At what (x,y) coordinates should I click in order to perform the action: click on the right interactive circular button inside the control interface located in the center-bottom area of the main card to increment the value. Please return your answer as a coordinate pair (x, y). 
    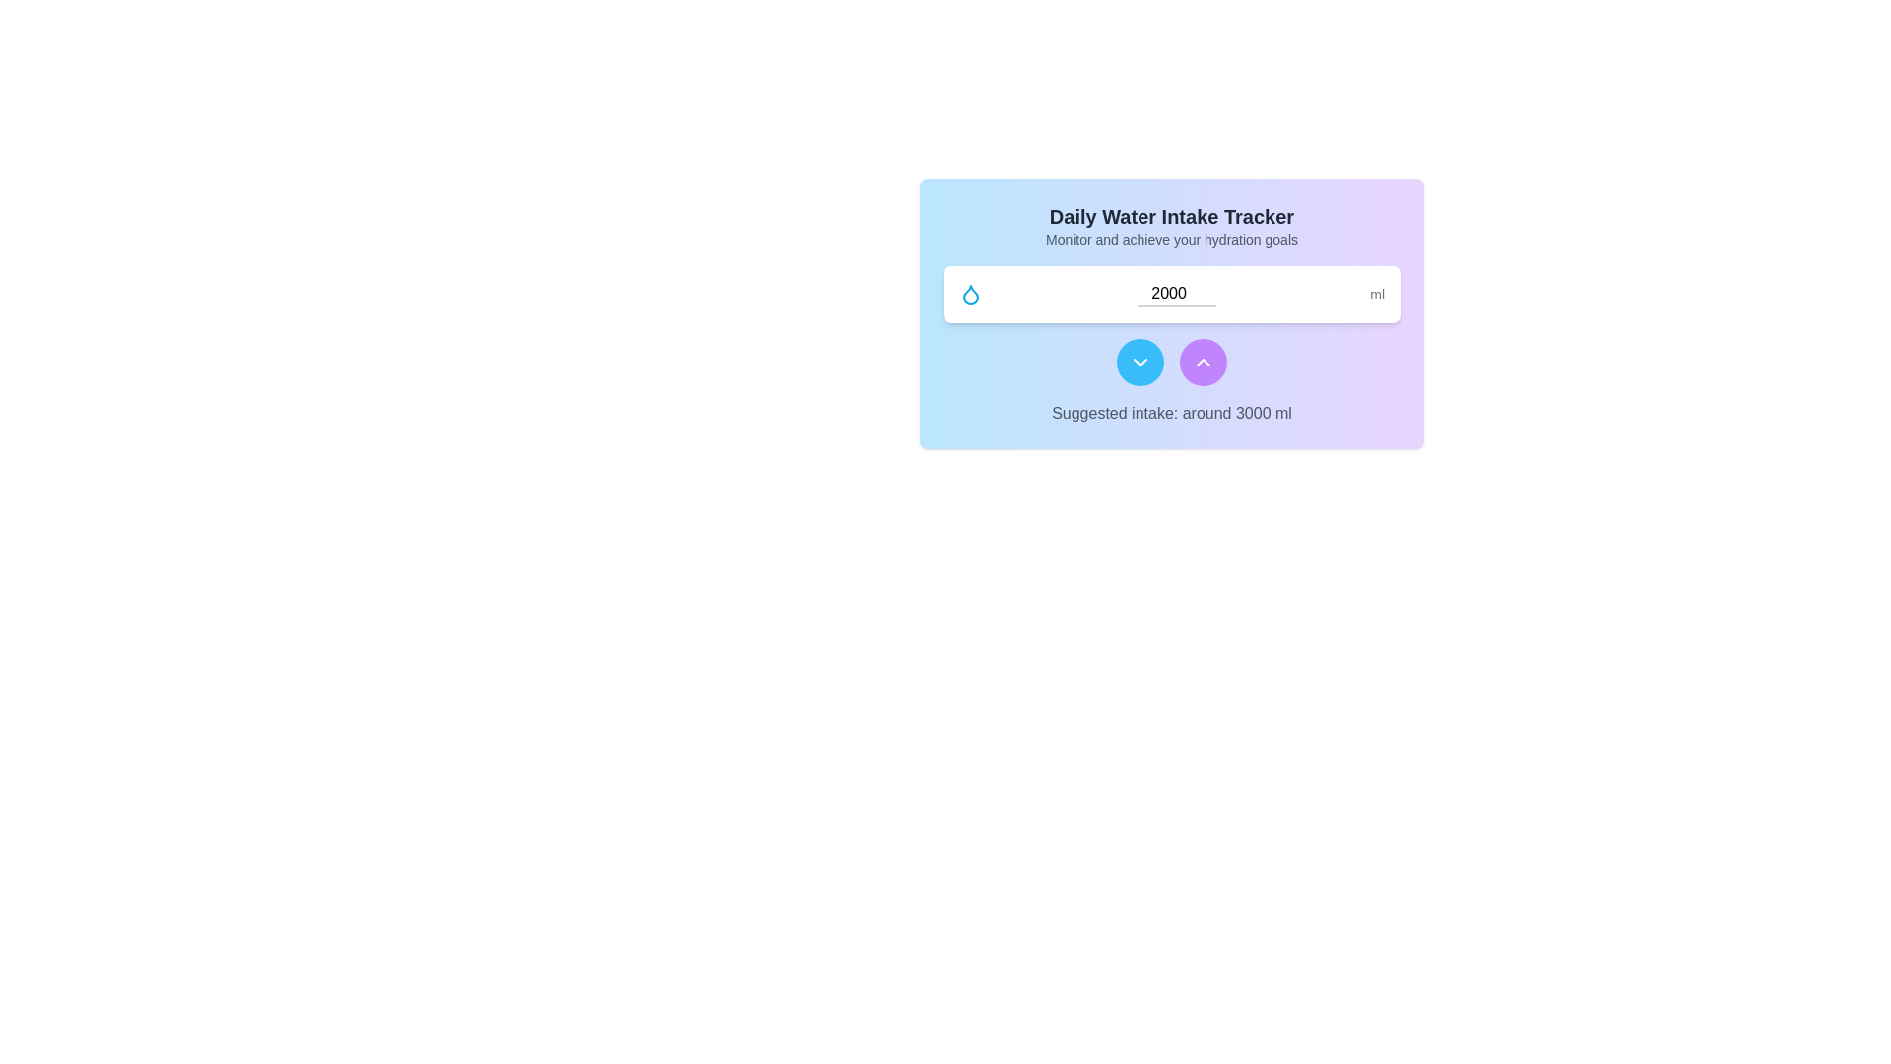
    Looking at the image, I should click on (1172, 362).